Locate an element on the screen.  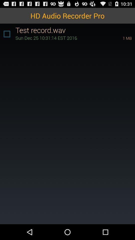
app below the test record.wav item is located at coordinates (62, 37).